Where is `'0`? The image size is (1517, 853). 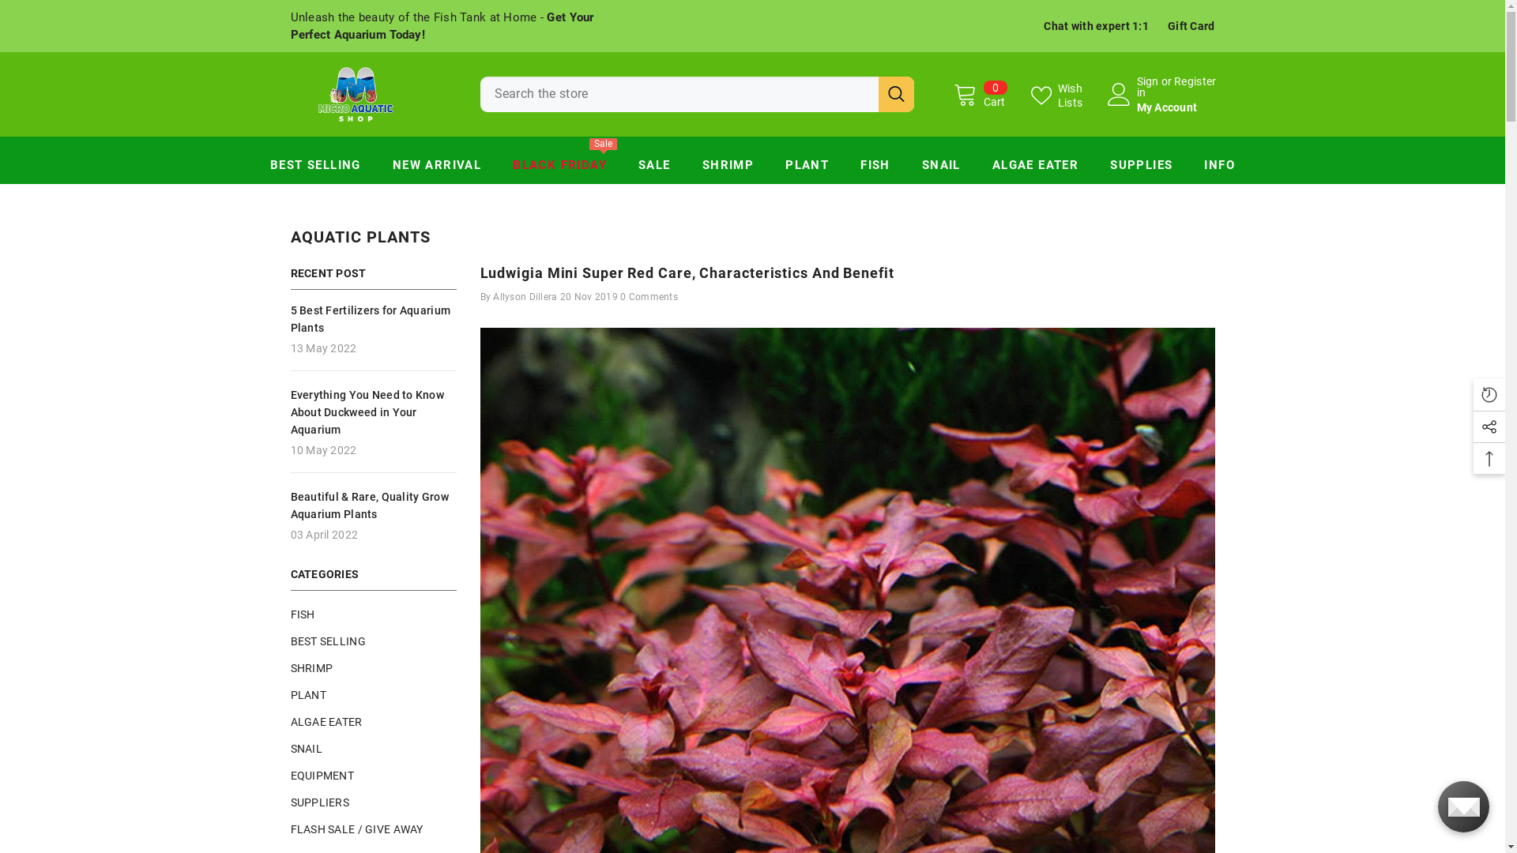 '0 is located at coordinates (978, 94).